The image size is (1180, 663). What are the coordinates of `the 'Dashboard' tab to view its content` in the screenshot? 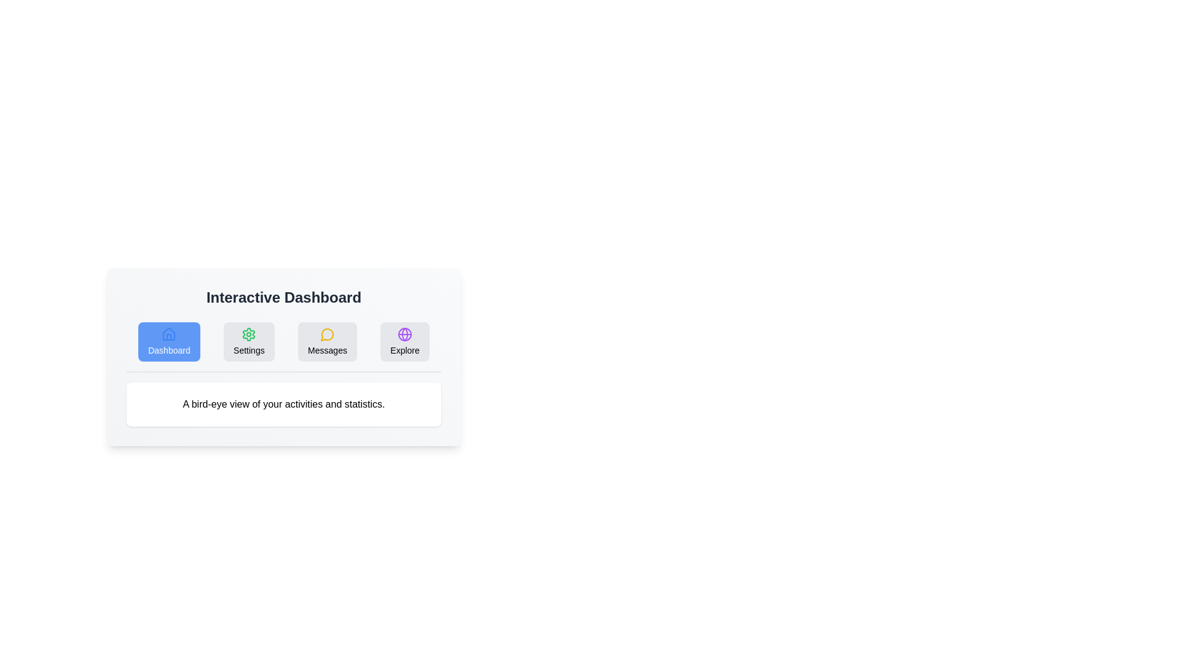 It's located at (168, 341).